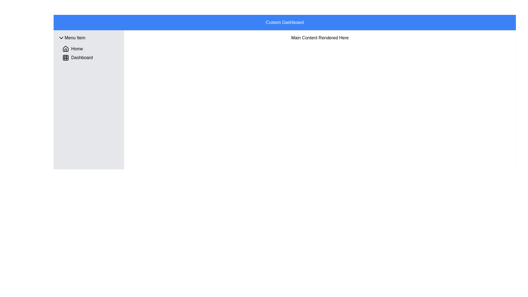 The height and width of the screenshot is (297, 528). What do you see at coordinates (77, 57) in the screenshot?
I see `the 'Dashboard' menu item button located in the left-hand sidebar navigation` at bounding box center [77, 57].